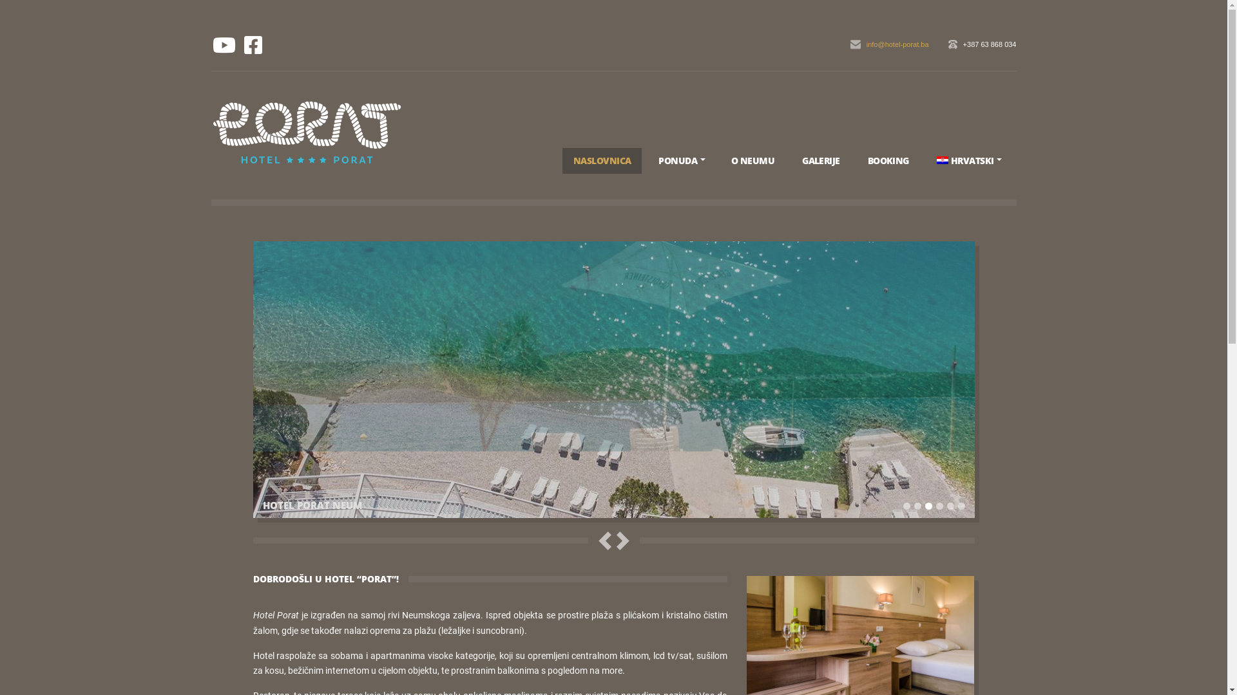  I want to click on '1', so click(906, 505).